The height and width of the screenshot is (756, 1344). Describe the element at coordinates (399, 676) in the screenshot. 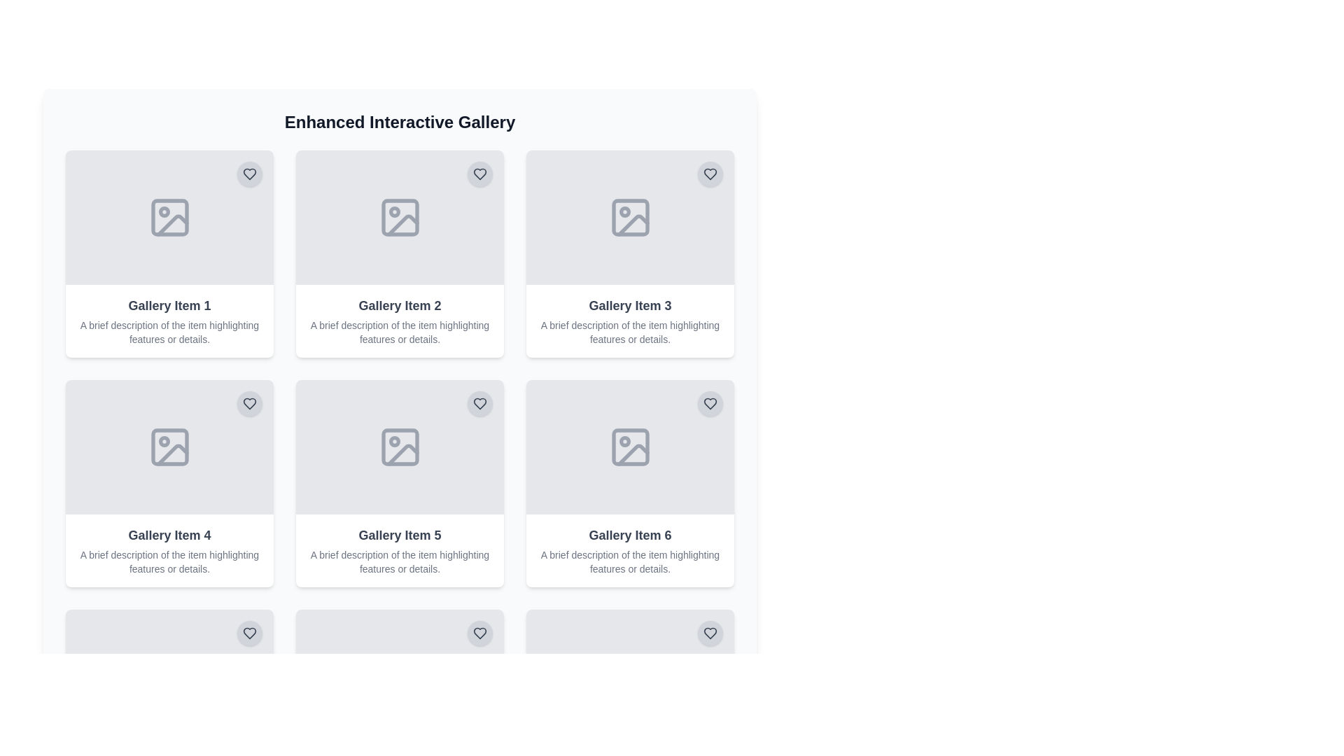

I see `the decorative rectangle element within the SVG that is aligned with the fifth gallery item` at that location.